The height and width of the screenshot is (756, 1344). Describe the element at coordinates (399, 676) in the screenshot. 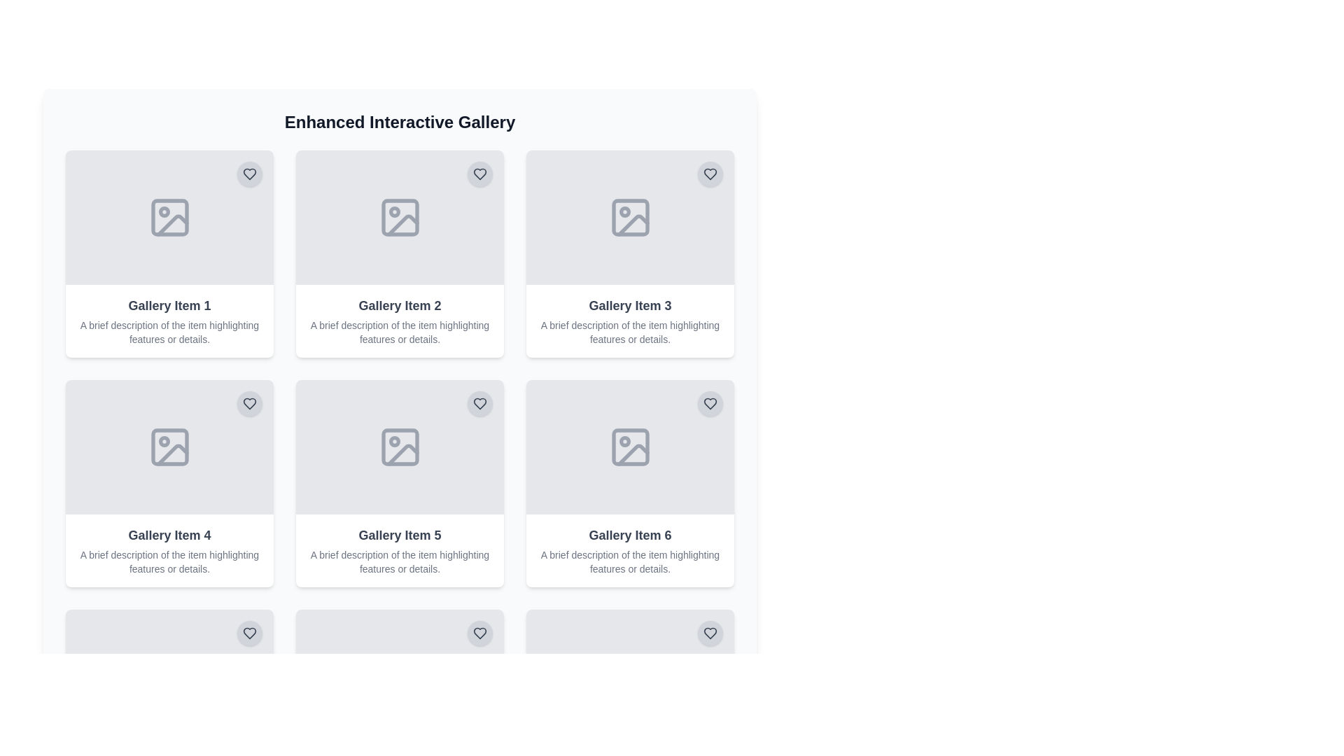

I see `the decorative rectangle element within the SVG that is aligned with the fifth gallery item` at that location.